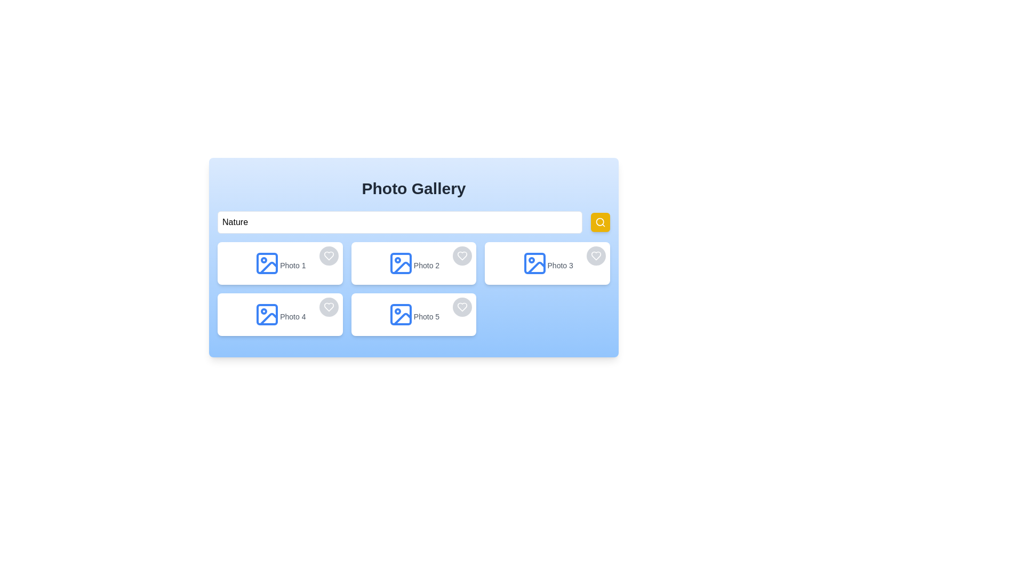 The height and width of the screenshot is (576, 1024). Describe the element at coordinates (462, 307) in the screenshot. I see `the heart-shaped icon button styled as a minimalistic outline, located at the top-right corner of the card labeled 'Photo 5', to like the photo` at that location.